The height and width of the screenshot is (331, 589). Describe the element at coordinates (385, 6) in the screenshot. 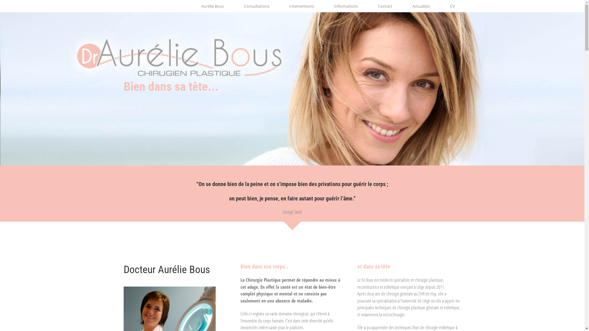

I see `'Contact'` at that location.